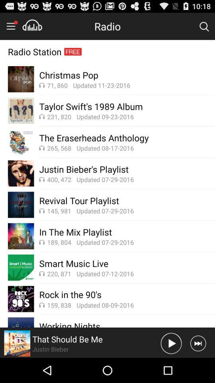 The width and height of the screenshot is (215, 383). What do you see at coordinates (32, 26) in the screenshot?
I see `to playlist` at bounding box center [32, 26].